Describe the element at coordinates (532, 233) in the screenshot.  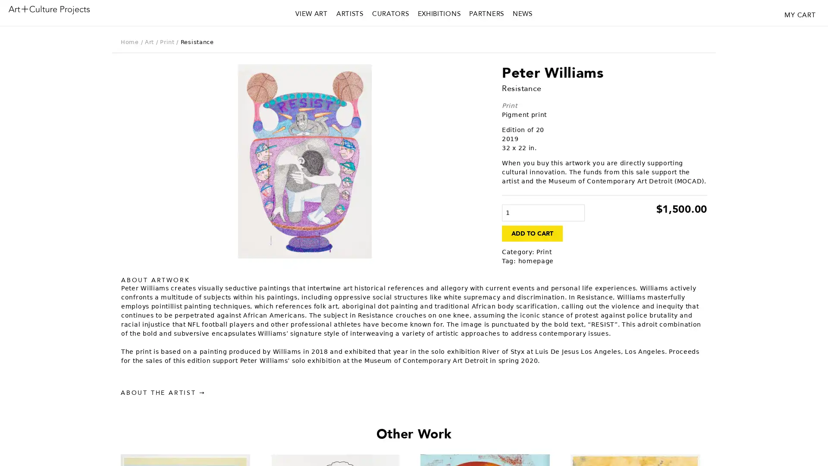
I see `ADD TO CART` at that location.